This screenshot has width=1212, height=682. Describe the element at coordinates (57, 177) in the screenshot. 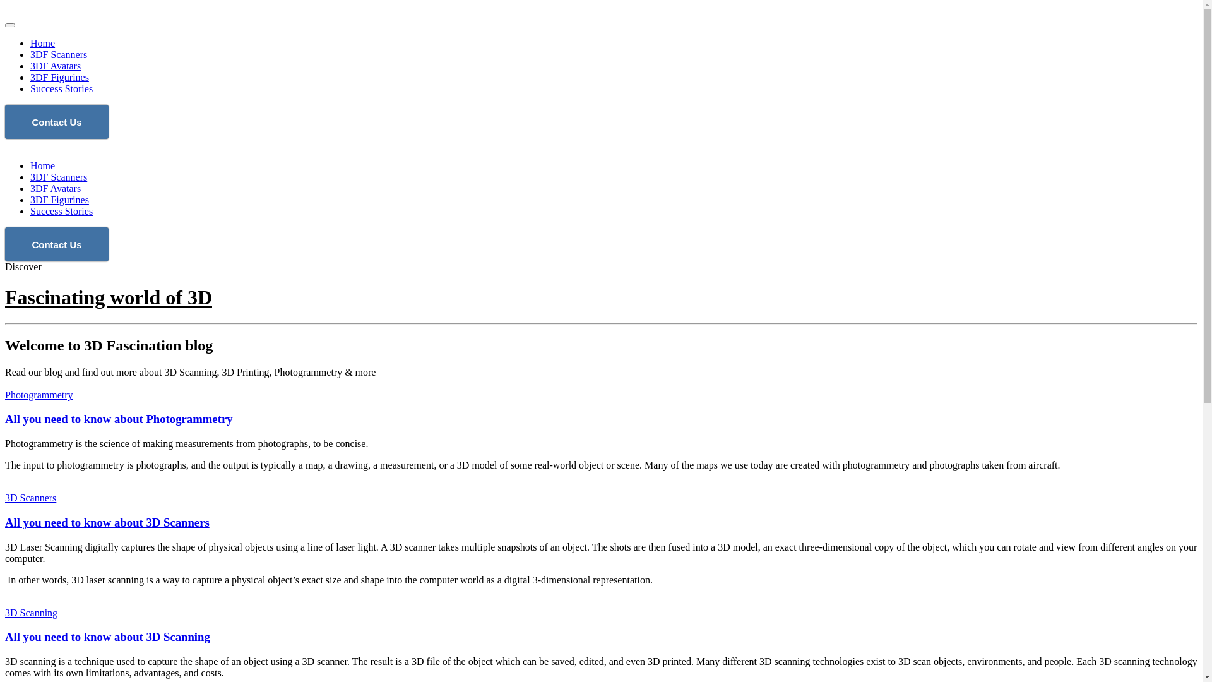

I see `'3DF Scanners'` at that location.